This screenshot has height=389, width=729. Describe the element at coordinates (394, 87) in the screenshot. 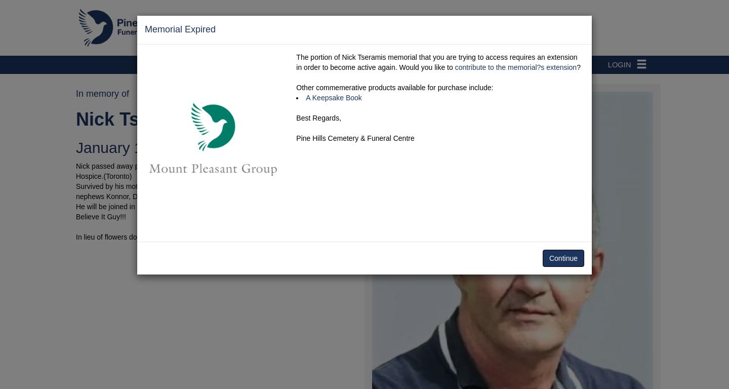

I see `'Other commemerative products available for purchase include:'` at that location.